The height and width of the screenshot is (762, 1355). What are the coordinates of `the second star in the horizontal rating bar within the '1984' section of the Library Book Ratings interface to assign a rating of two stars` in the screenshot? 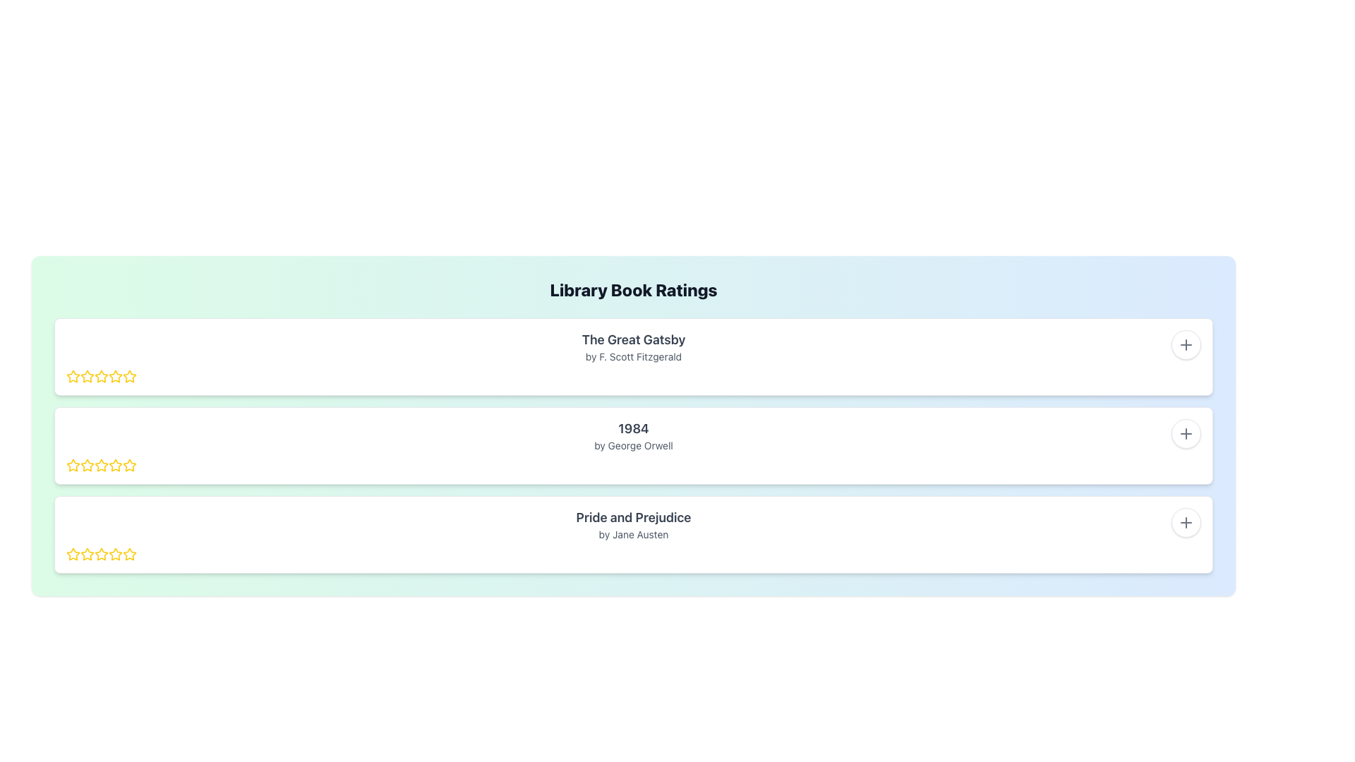 It's located at (115, 465).